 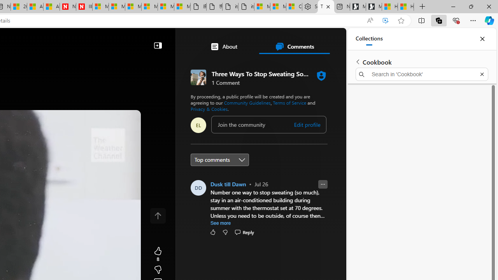 What do you see at coordinates (323, 184) in the screenshot?
I see `'Report comment'` at bounding box center [323, 184].